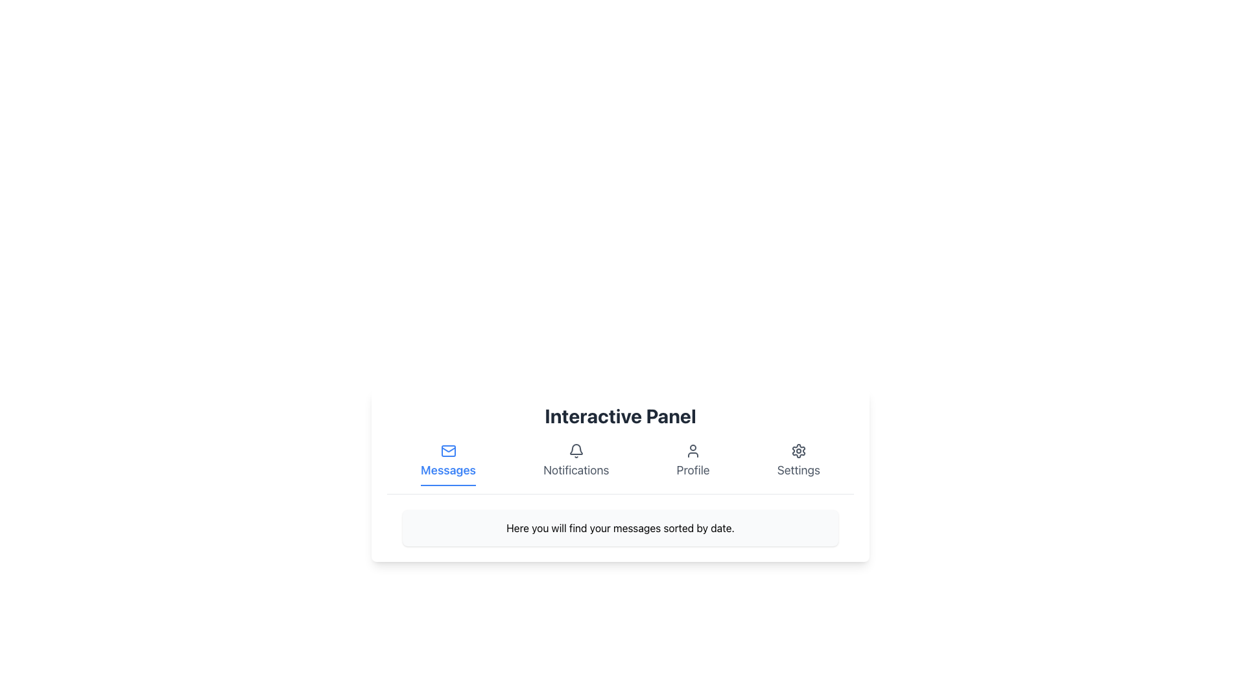 The image size is (1245, 700). What do you see at coordinates (798, 450) in the screenshot?
I see `the gear-shaped icon with a gray outline in the 'Settings' section` at bounding box center [798, 450].